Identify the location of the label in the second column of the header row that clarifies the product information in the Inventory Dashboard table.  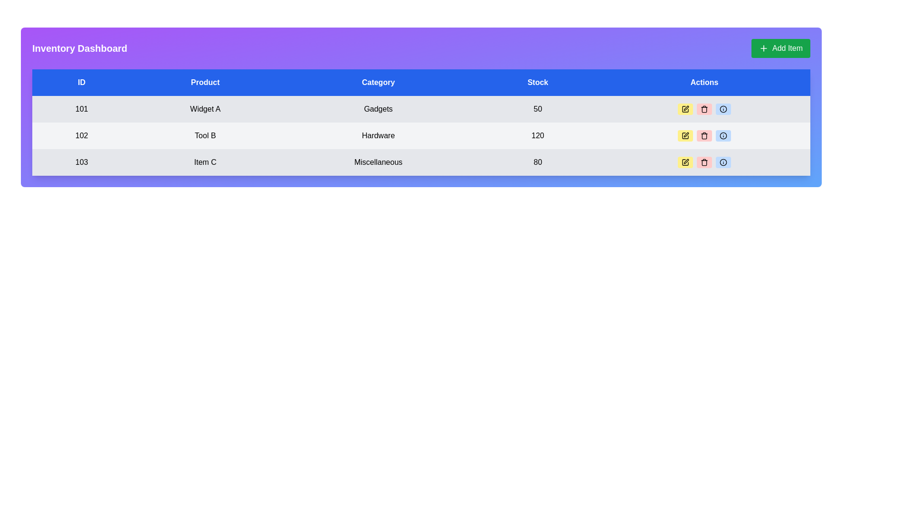
(205, 82).